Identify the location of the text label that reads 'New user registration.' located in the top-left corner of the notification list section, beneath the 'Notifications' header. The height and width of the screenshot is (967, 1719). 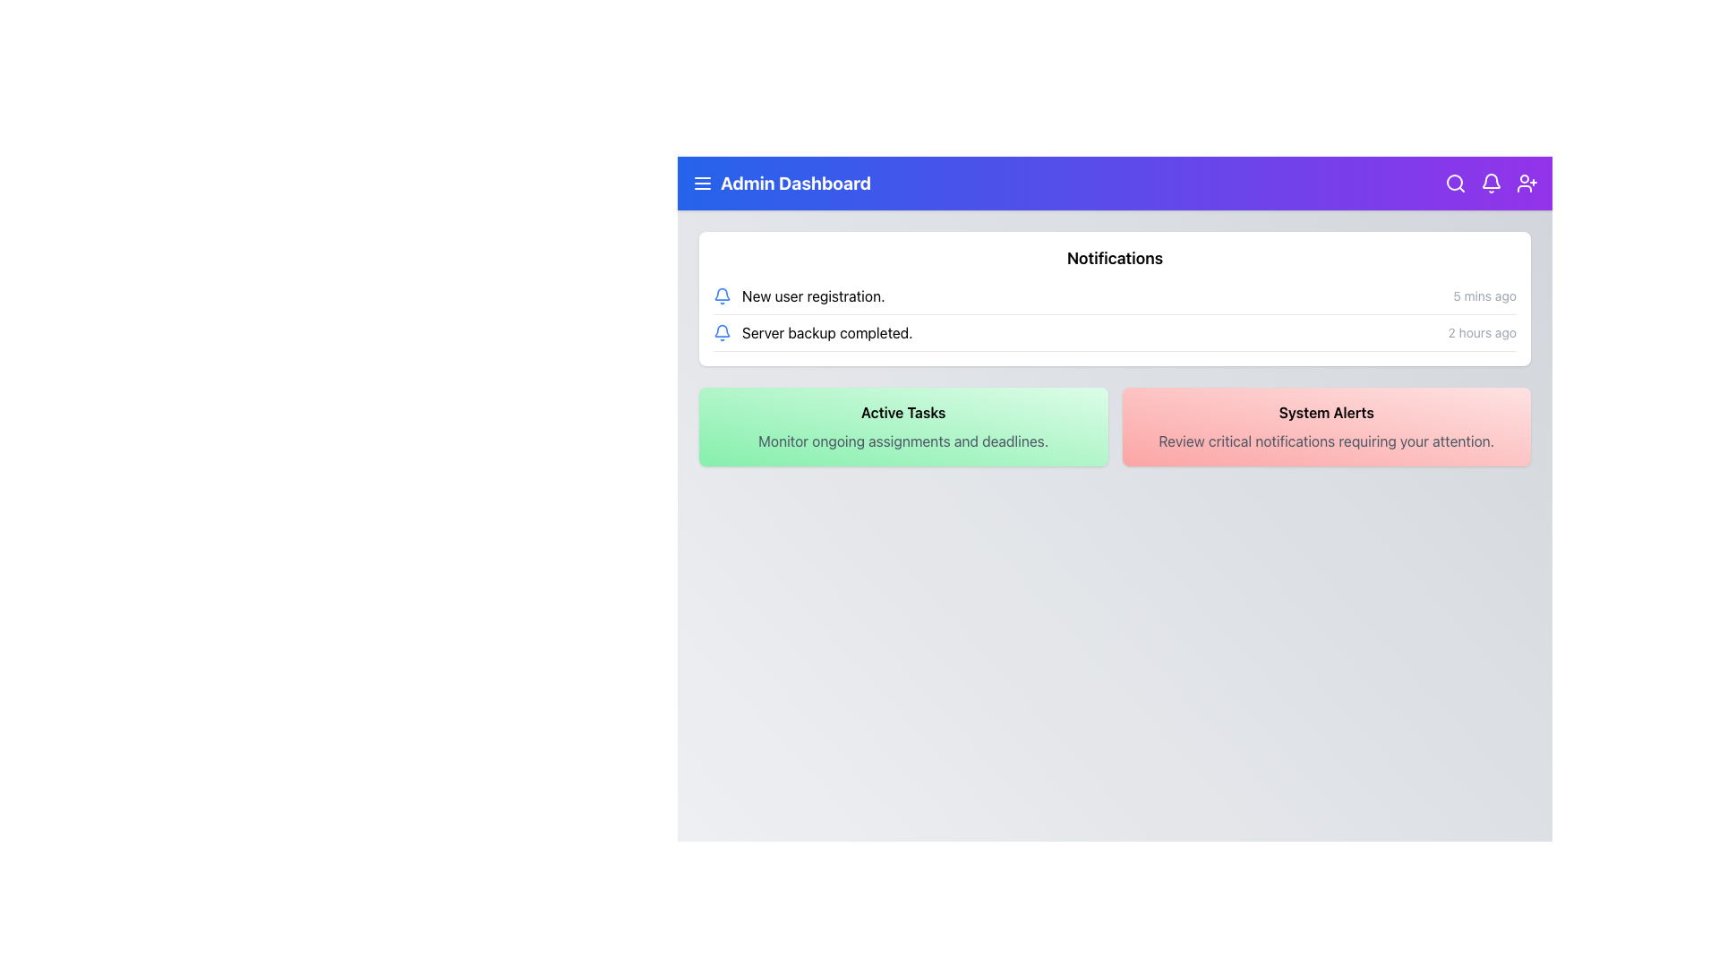
(812, 295).